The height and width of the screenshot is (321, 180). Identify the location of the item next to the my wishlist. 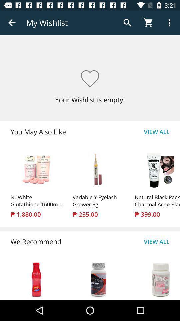
(12, 23).